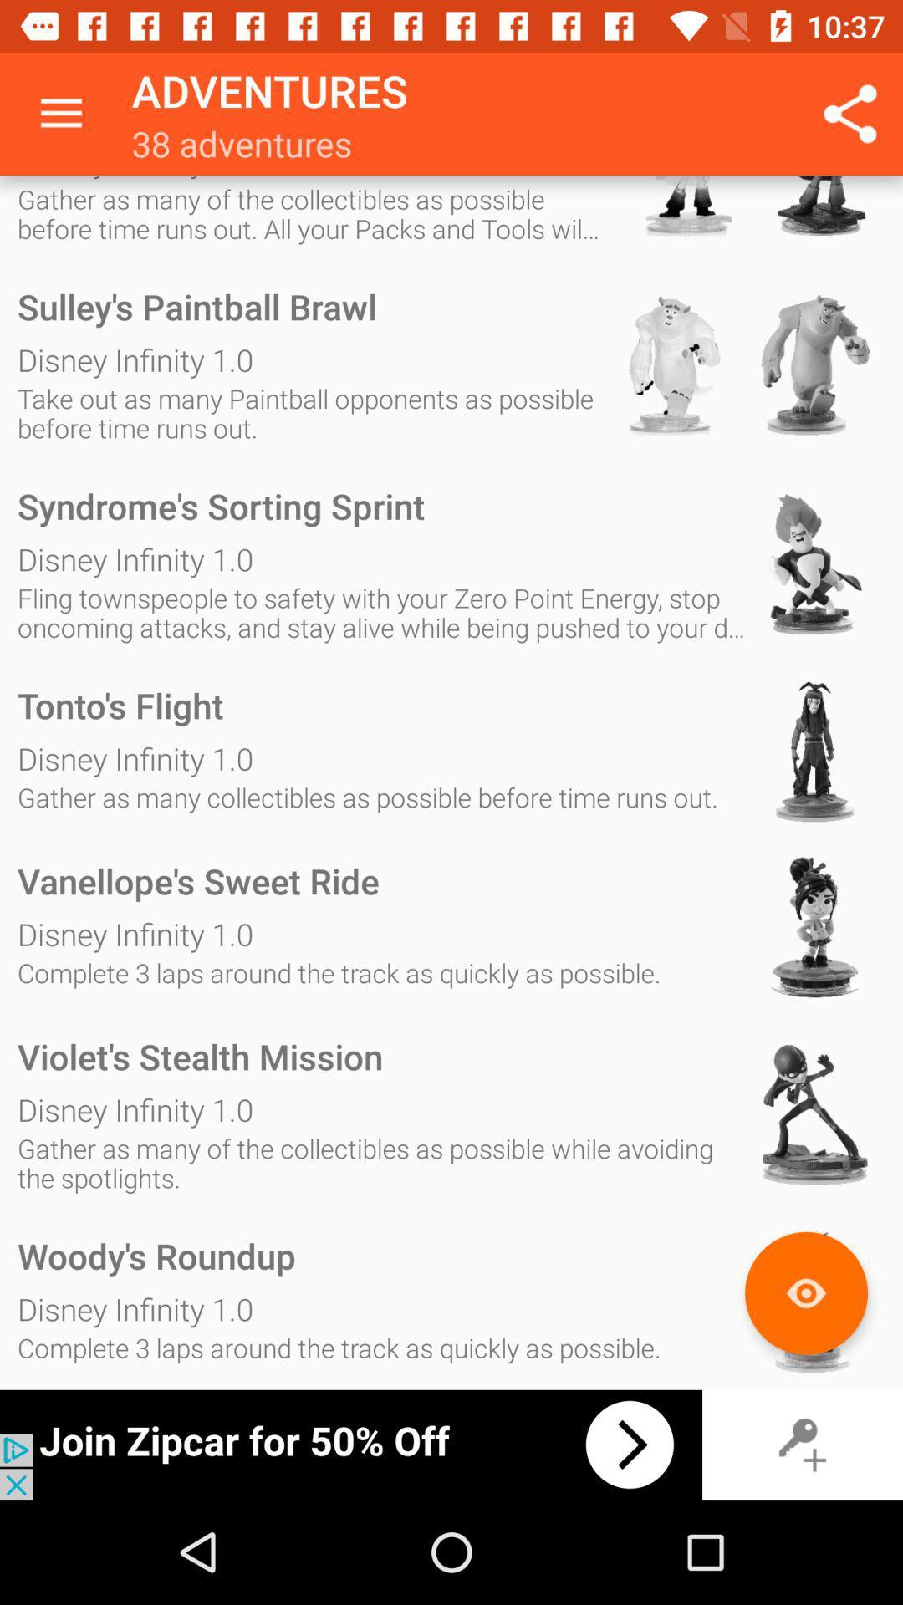 The height and width of the screenshot is (1605, 903). Describe the element at coordinates (805, 1292) in the screenshot. I see `find location` at that location.